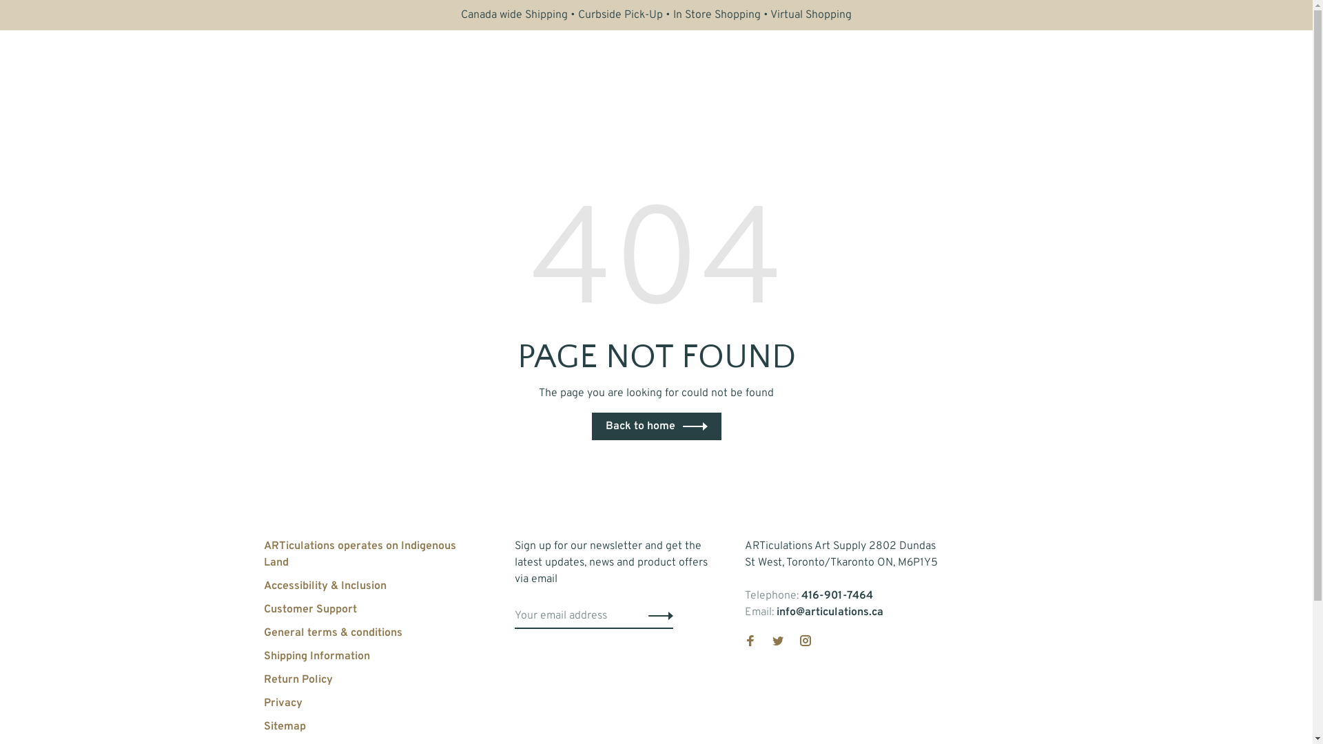 This screenshot has height=744, width=1323. Describe the element at coordinates (309, 608) in the screenshot. I see `'Customer Support'` at that location.